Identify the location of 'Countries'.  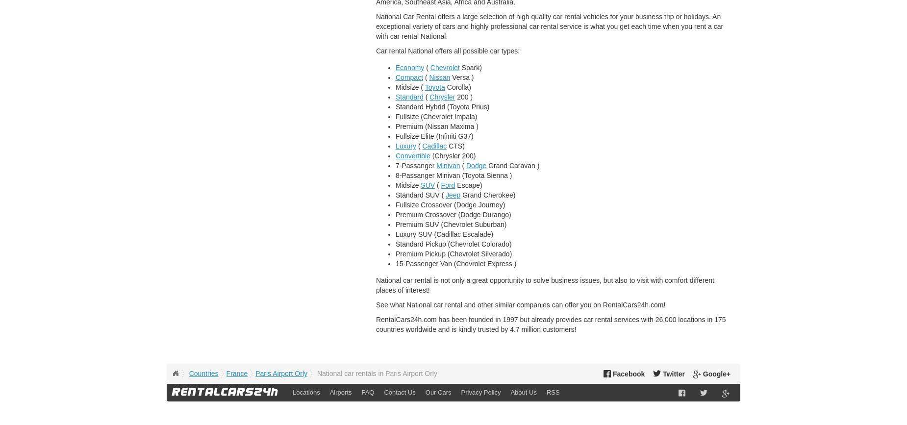
(202, 373).